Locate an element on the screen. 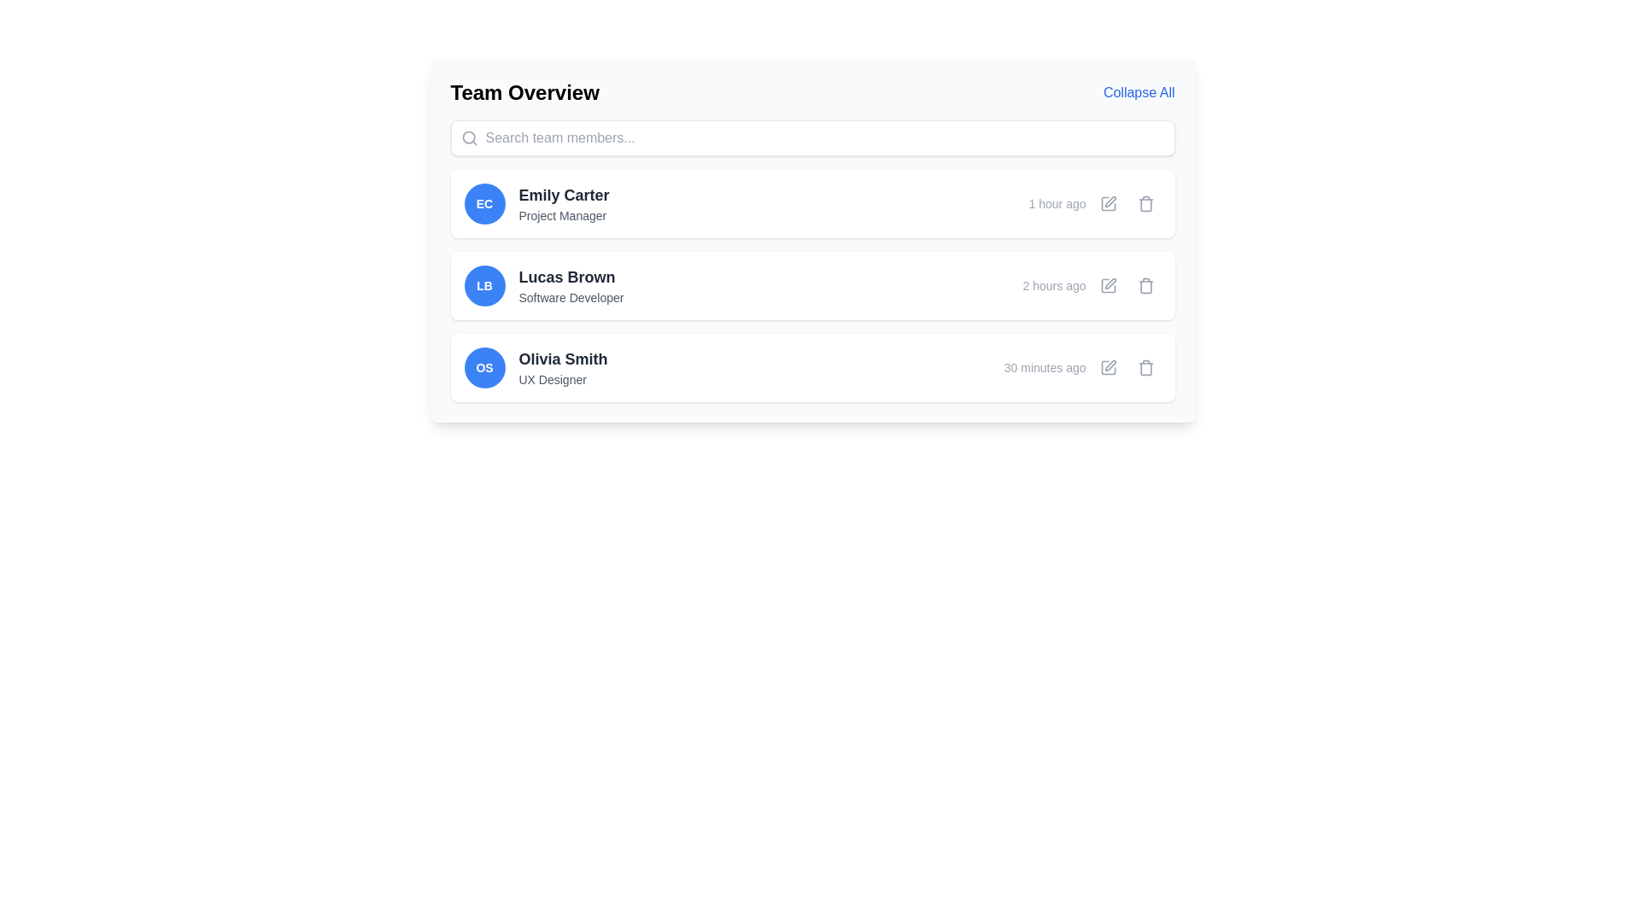  the text label indicating the role or position of the individual 'Olivia Smith', which is located below the name and to the right of the circular badge containing initials is located at coordinates (563, 378).